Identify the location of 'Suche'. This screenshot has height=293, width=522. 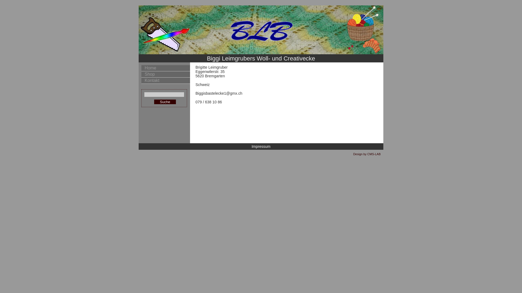
(154, 102).